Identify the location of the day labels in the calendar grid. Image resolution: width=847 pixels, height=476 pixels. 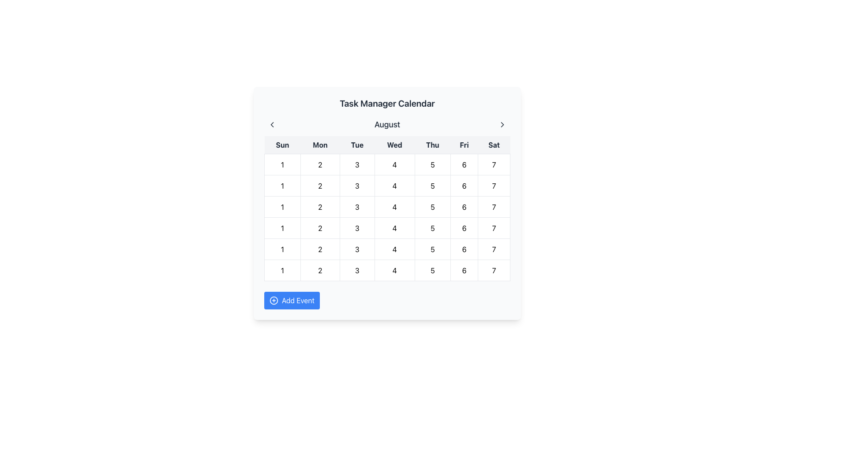
(387, 144).